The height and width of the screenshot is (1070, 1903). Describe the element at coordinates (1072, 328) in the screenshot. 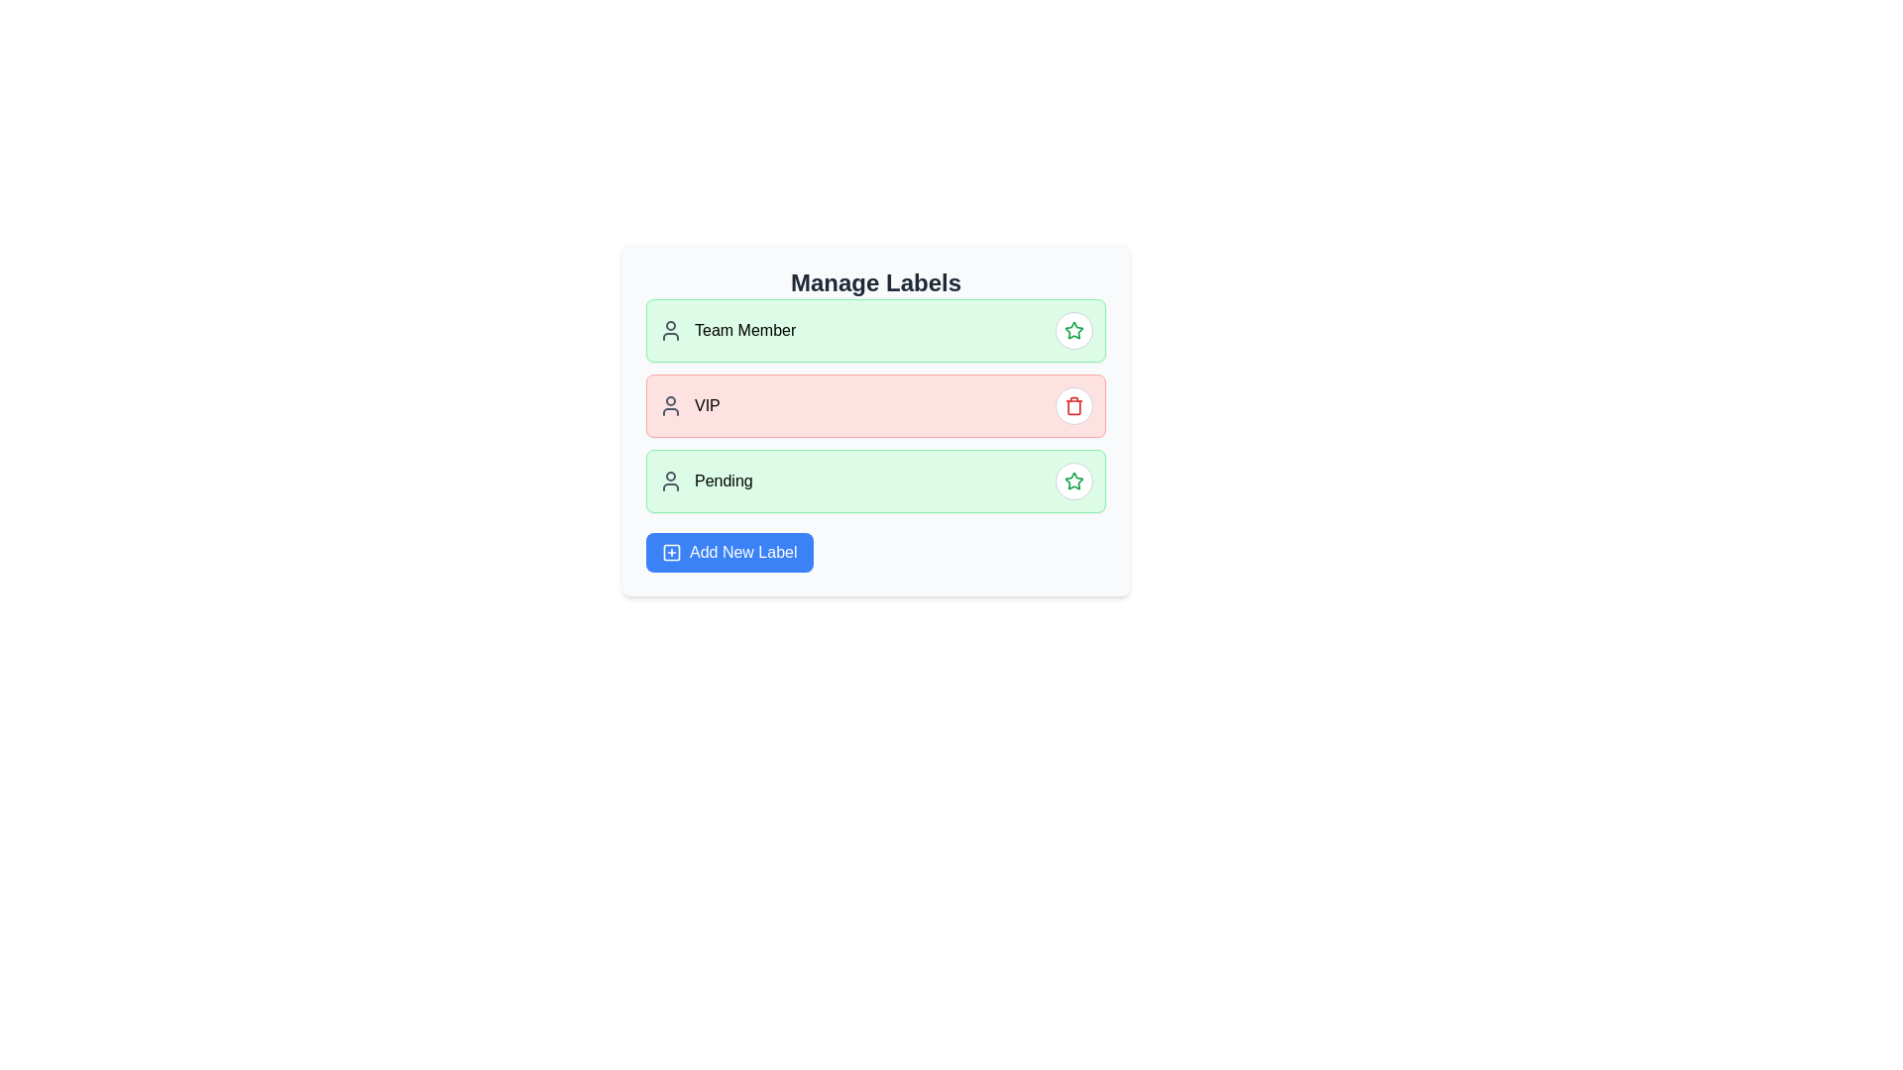

I see `the star icon with a green outline located at the bottom of the 'Manage Labels' panel, to the right of the 'Pending' label` at that location.